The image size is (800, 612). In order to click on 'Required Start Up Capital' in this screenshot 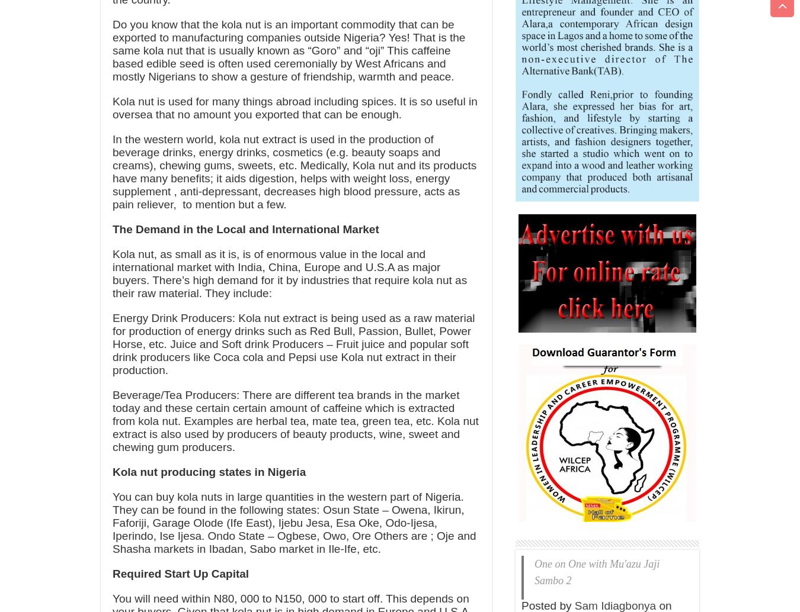, I will do `click(112, 573)`.